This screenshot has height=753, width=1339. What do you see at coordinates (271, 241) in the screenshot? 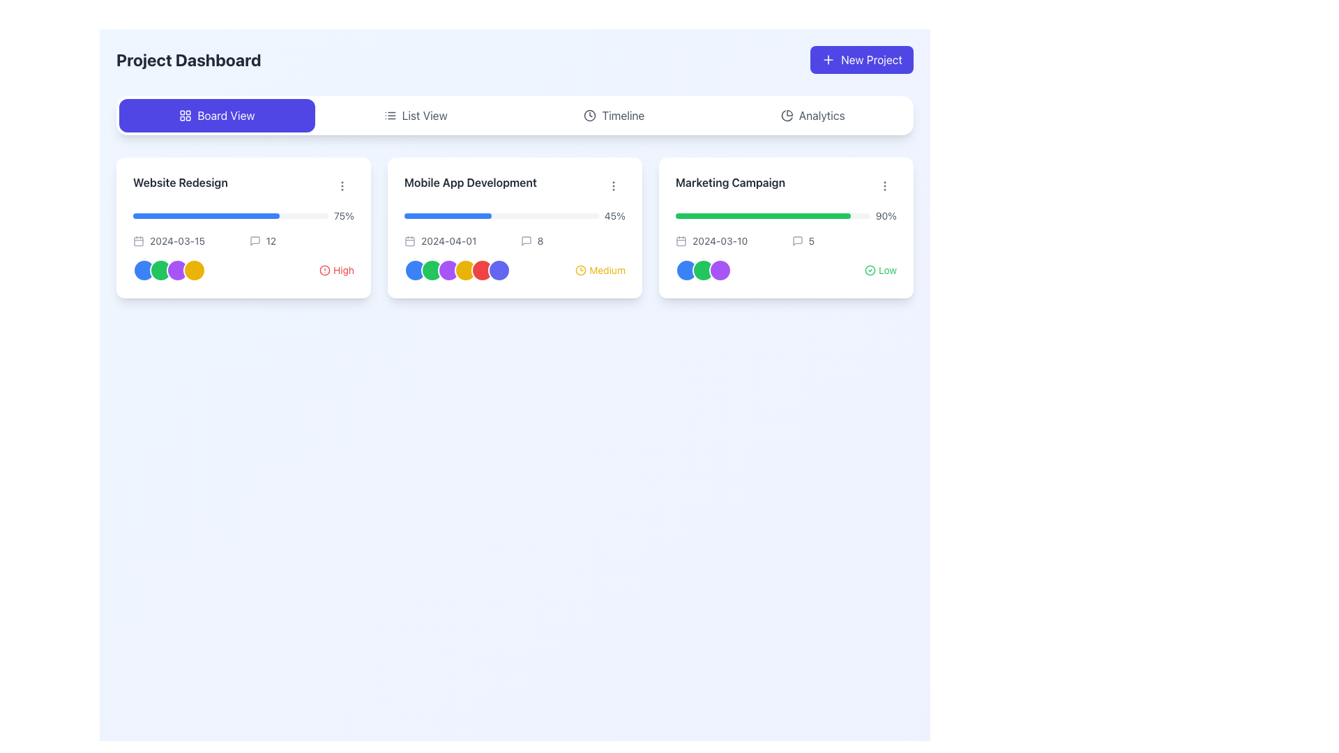
I see `the non-interactive text label displaying the numerical count of comments or messages located in the second card titled 'Mobile App Development', positioned to the right of the speech bubble icon` at bounding box center [271, 241].